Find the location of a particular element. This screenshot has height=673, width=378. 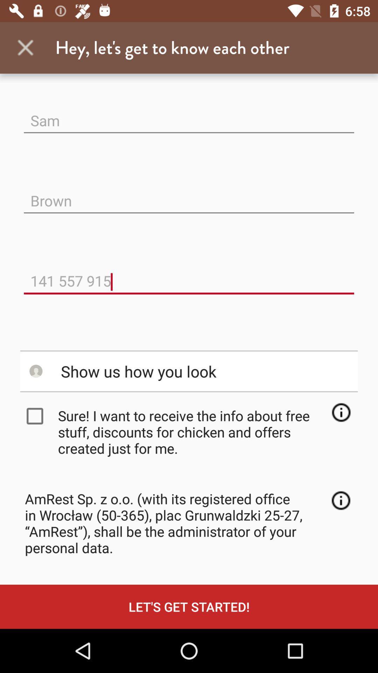

icon next to amrest sp z is located at coordinates (341, 500).